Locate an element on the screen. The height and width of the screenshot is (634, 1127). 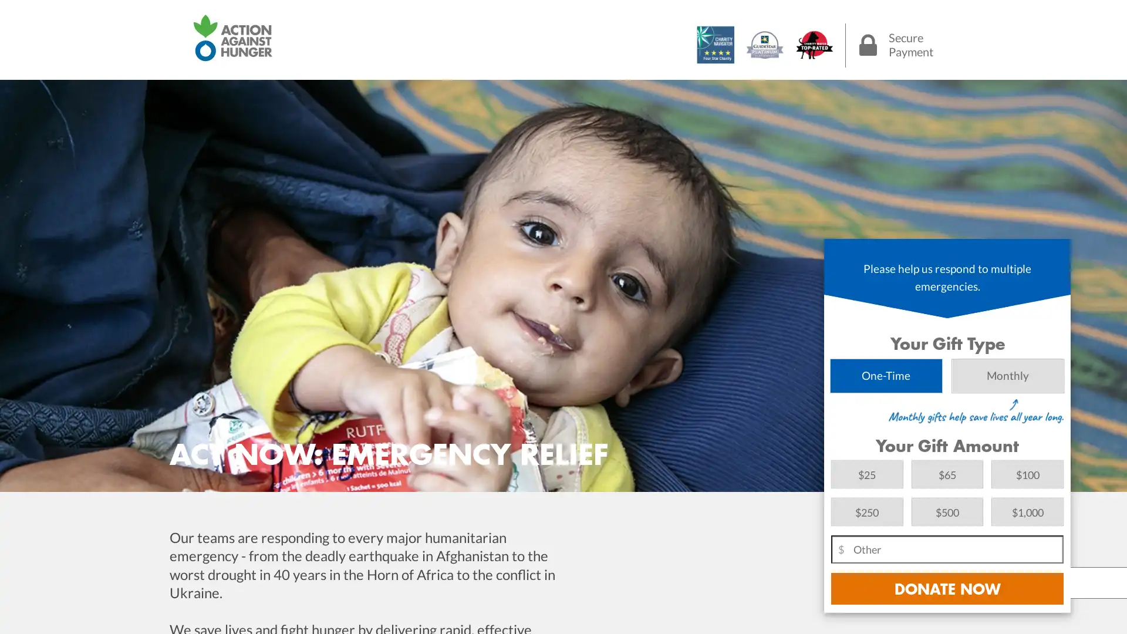
$25 is located at coordinates (867, 473).